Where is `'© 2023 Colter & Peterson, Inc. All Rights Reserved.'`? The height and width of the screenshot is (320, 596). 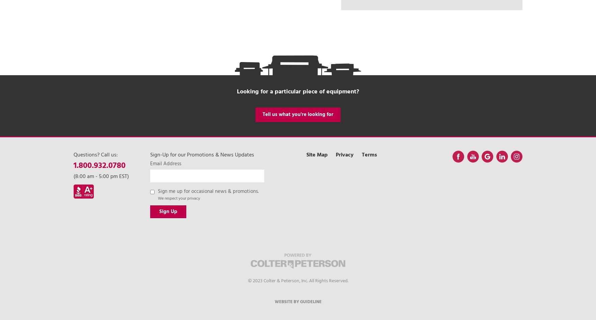
'© 2023 Colter & Peterson, Inc. All Rights Reserved.' is located at coordinates (298, 280).